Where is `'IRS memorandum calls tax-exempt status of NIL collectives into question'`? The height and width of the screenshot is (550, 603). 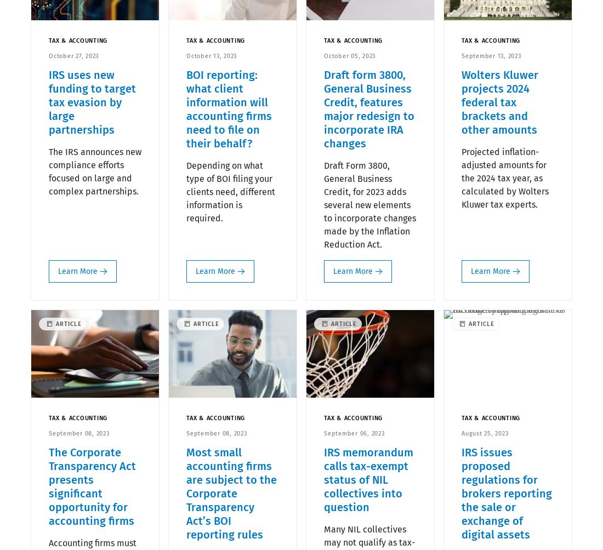
'IRS memorandum calls tax-exempt status of NIL collectives into question' is located at coordinates (368, 479).